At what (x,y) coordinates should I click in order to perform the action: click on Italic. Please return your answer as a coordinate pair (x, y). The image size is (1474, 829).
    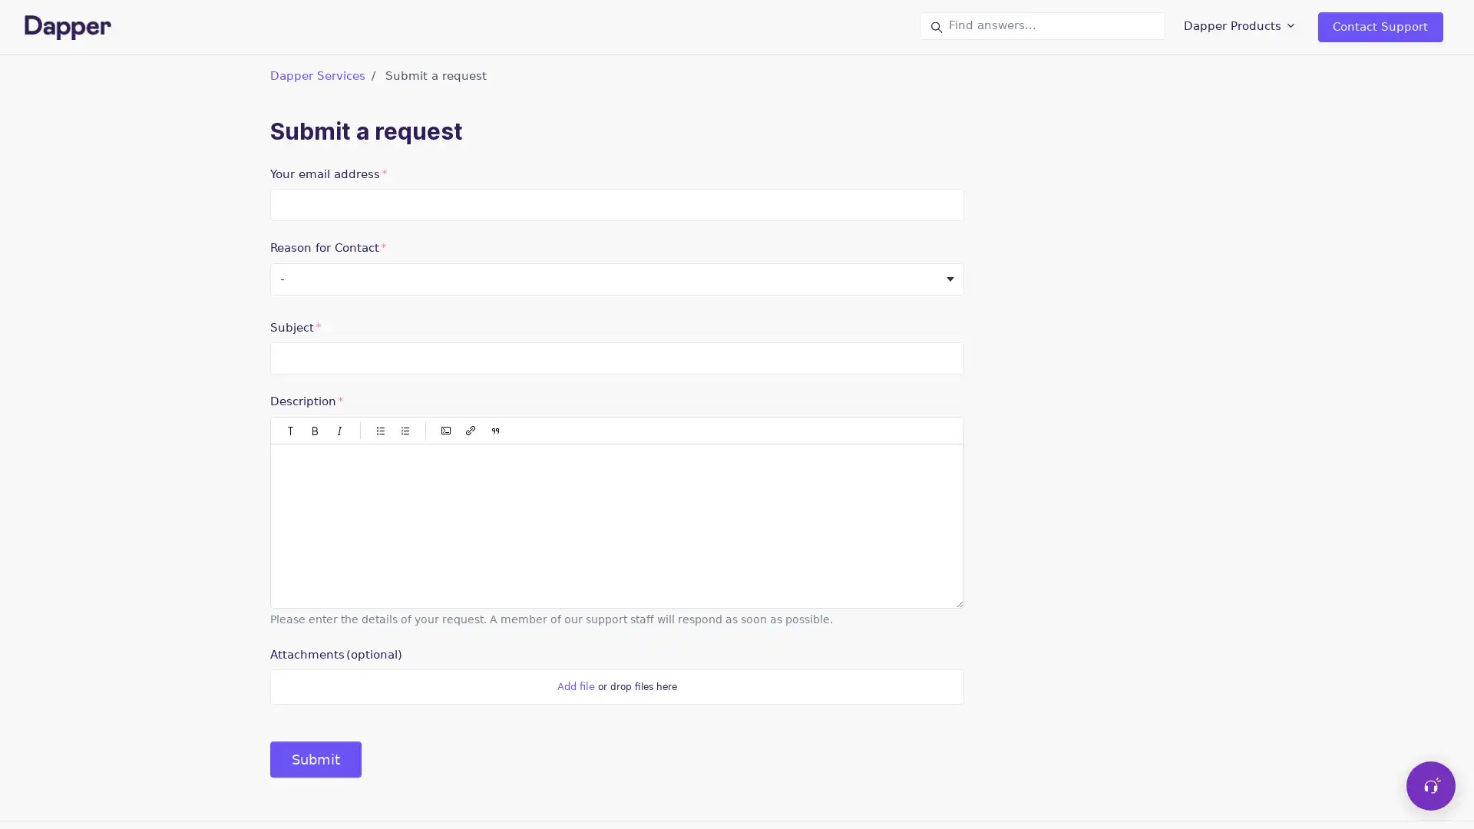
    Looking at the image, I should click on (339, 430).